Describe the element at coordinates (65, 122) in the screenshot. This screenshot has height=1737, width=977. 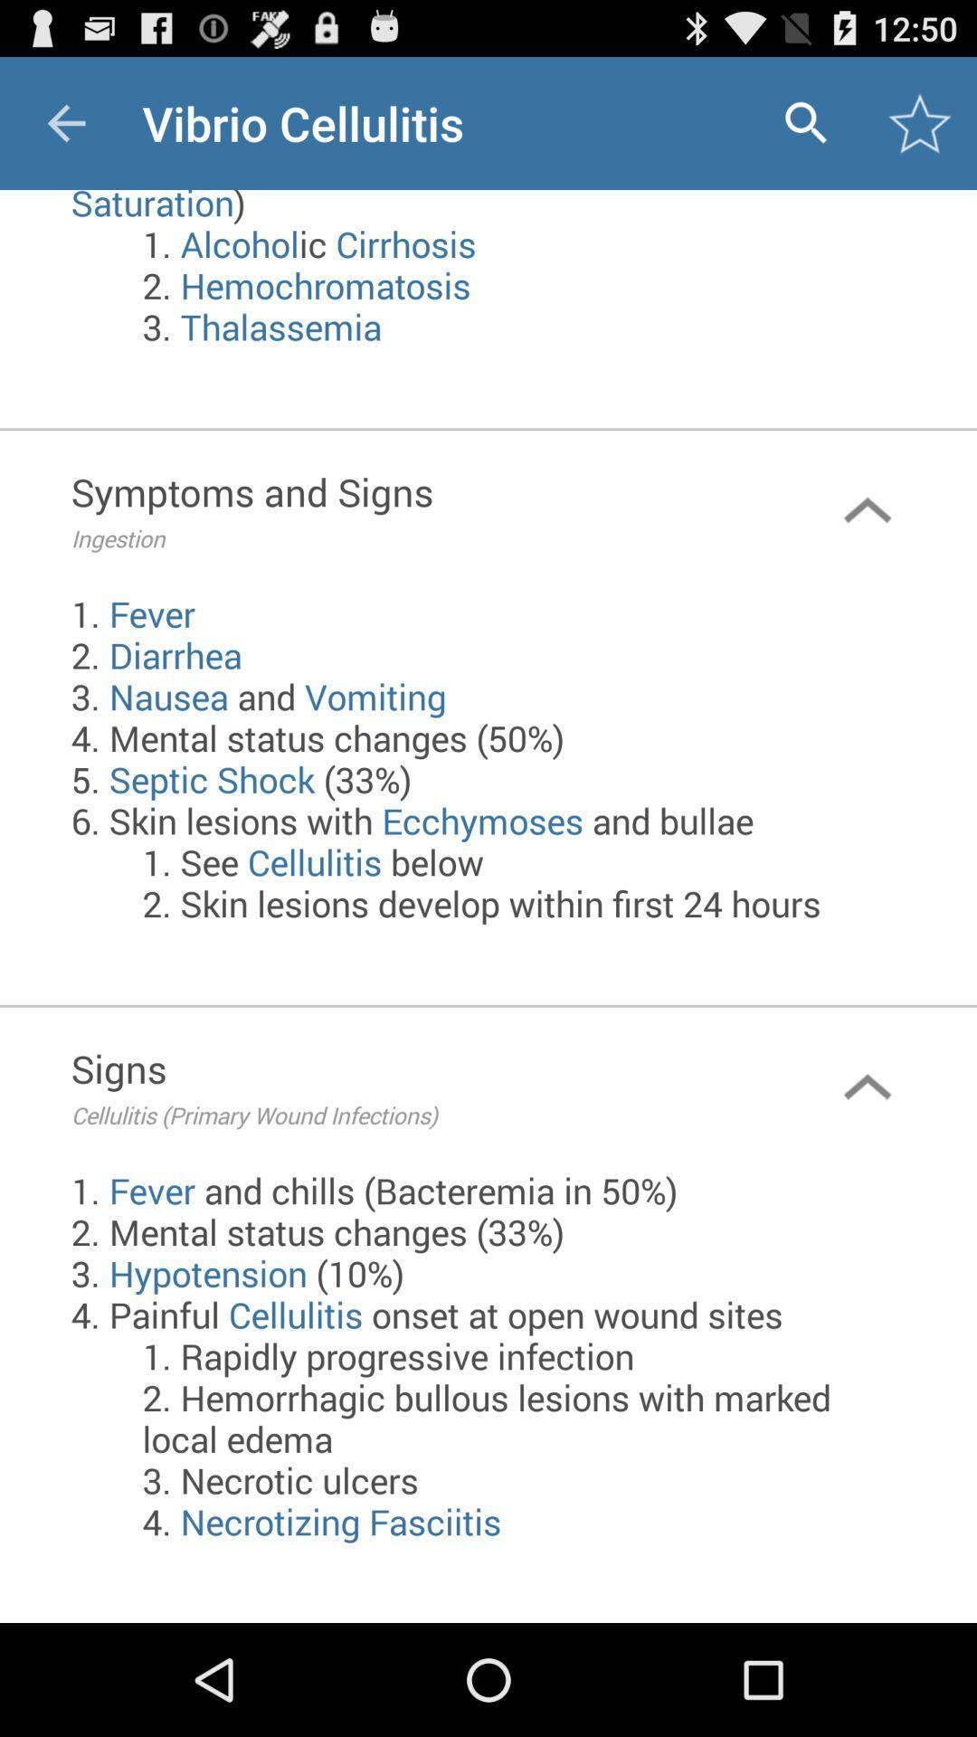
I see `item to the left of vibrio cellulitis` at that location.